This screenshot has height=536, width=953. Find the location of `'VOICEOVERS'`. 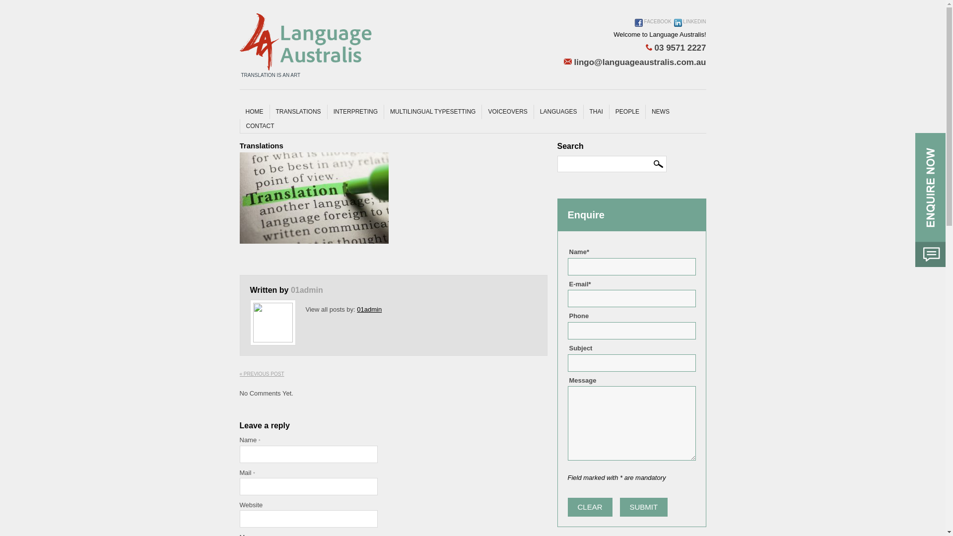

'VOICEOVERS' is located at coordinates (507, 112).